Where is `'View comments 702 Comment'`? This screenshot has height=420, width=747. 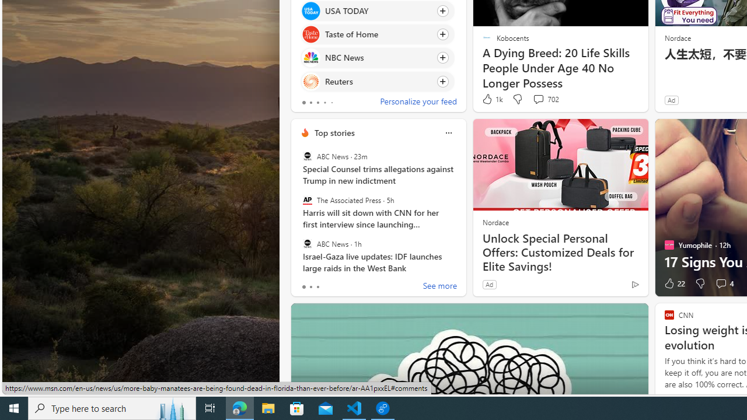
'View comments 702 Comment' is located at coordinates (537, 98).